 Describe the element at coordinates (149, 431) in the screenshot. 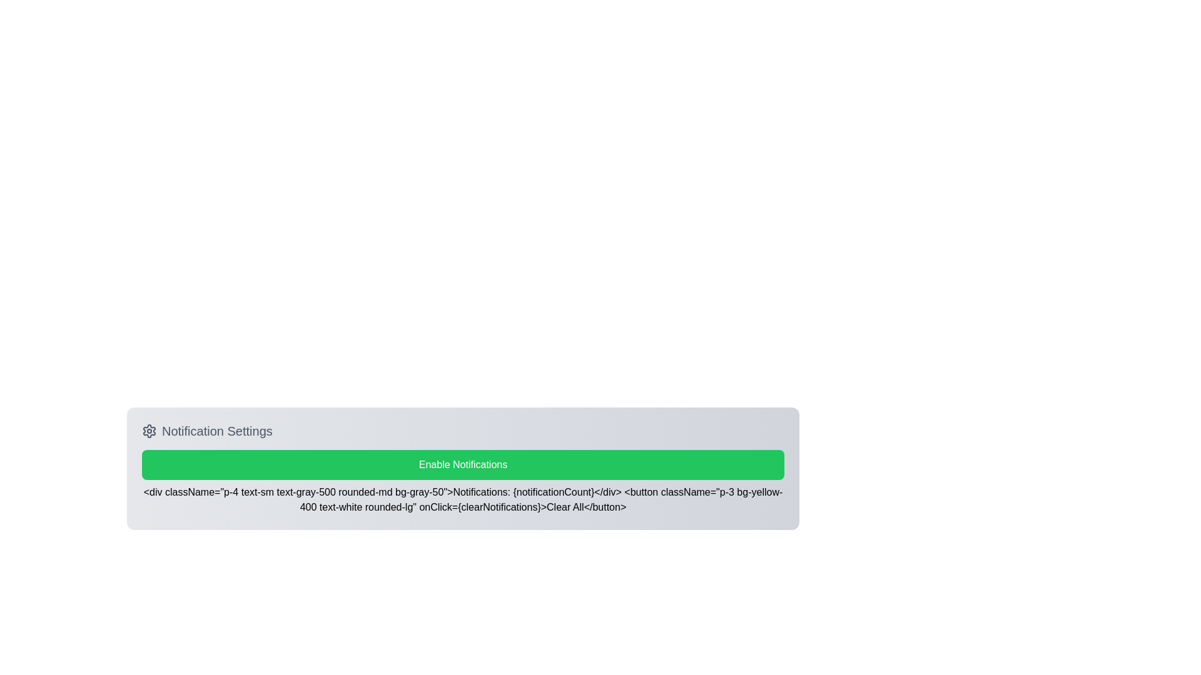

I see `the settings icon located to the left of the 'Notification Settings' text to view the context menu` at that location.